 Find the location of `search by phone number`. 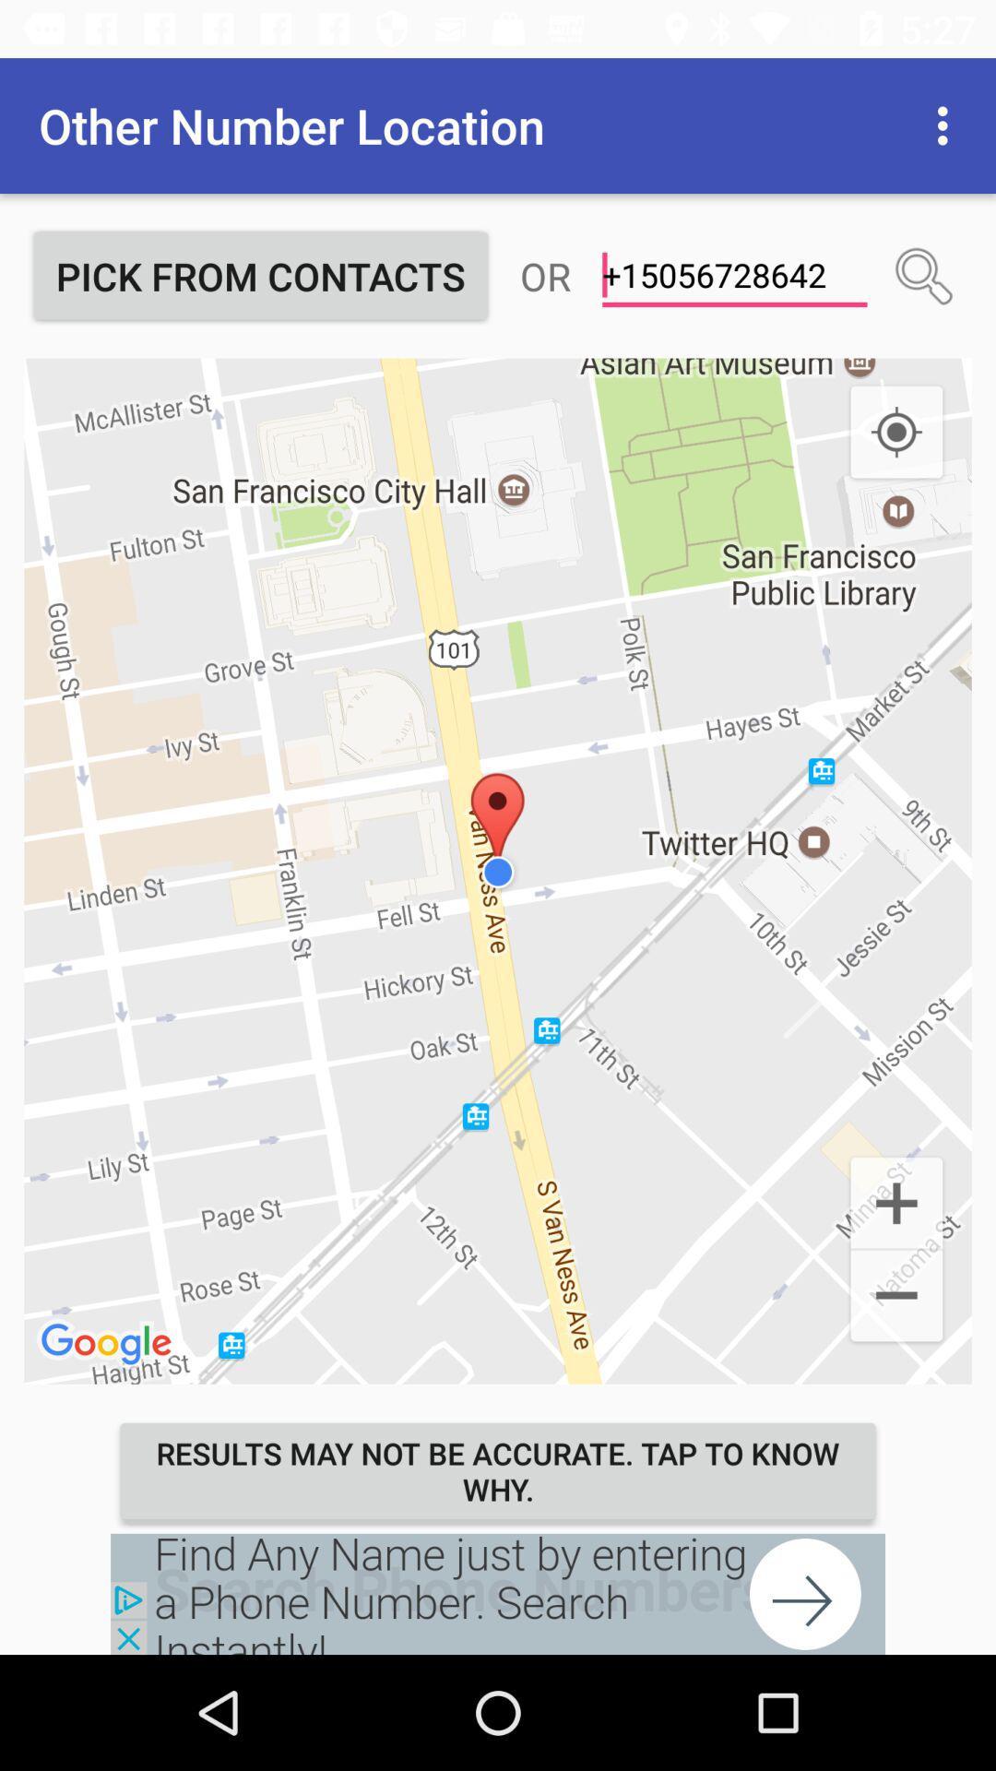

search by phone number is located at coordinates (924, 275).